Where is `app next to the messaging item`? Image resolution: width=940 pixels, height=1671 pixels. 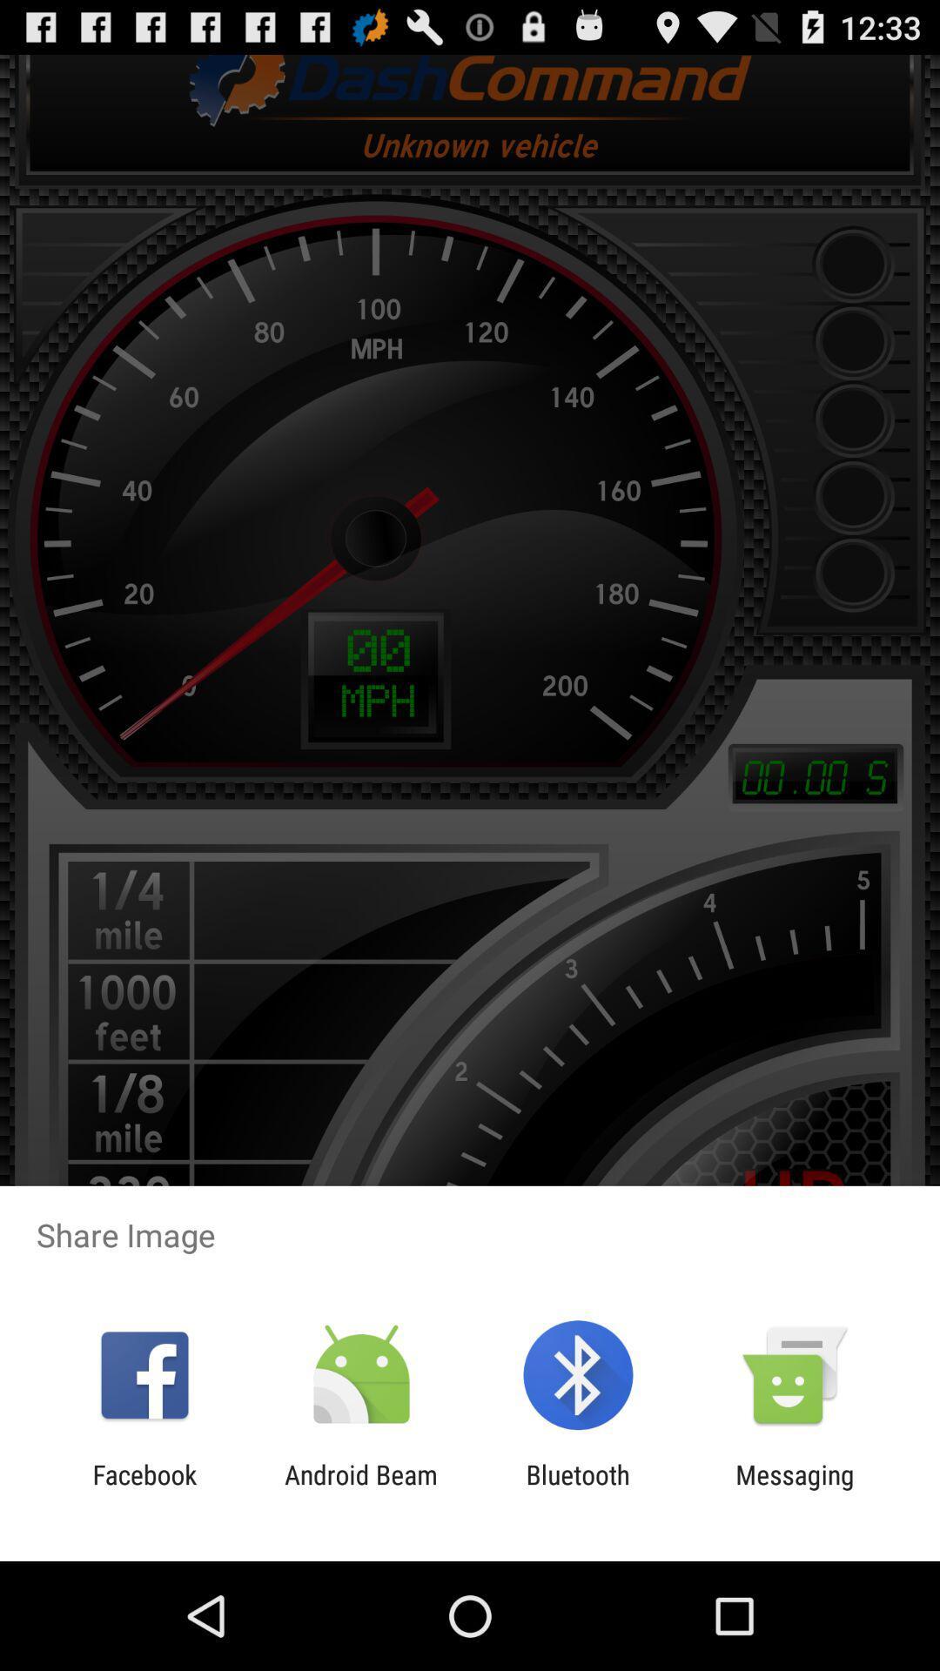
app next to the messaging item is located at coordinates (578, 1489).